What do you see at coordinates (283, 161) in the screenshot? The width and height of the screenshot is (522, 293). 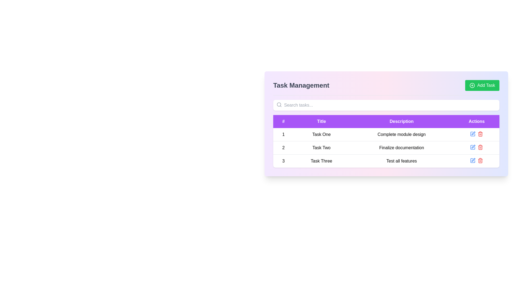 I see `the table cell displaying the number '3' located in the last row of the table under the column '#'` at bounding box center [283, 161].